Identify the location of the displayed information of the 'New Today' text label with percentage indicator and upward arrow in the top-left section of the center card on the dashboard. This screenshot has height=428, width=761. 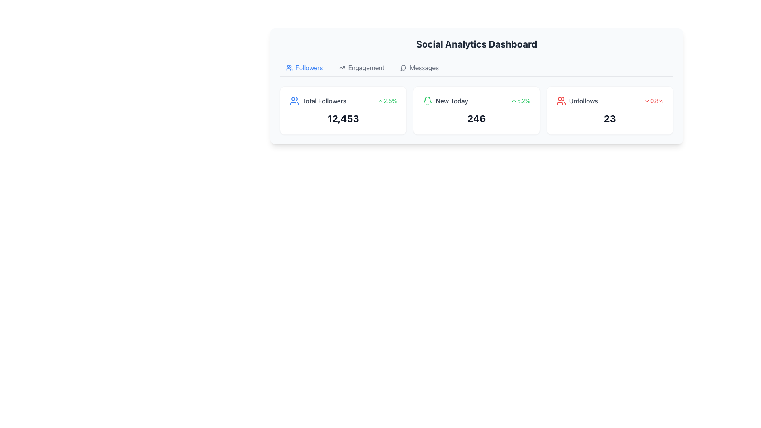
(476, 100).